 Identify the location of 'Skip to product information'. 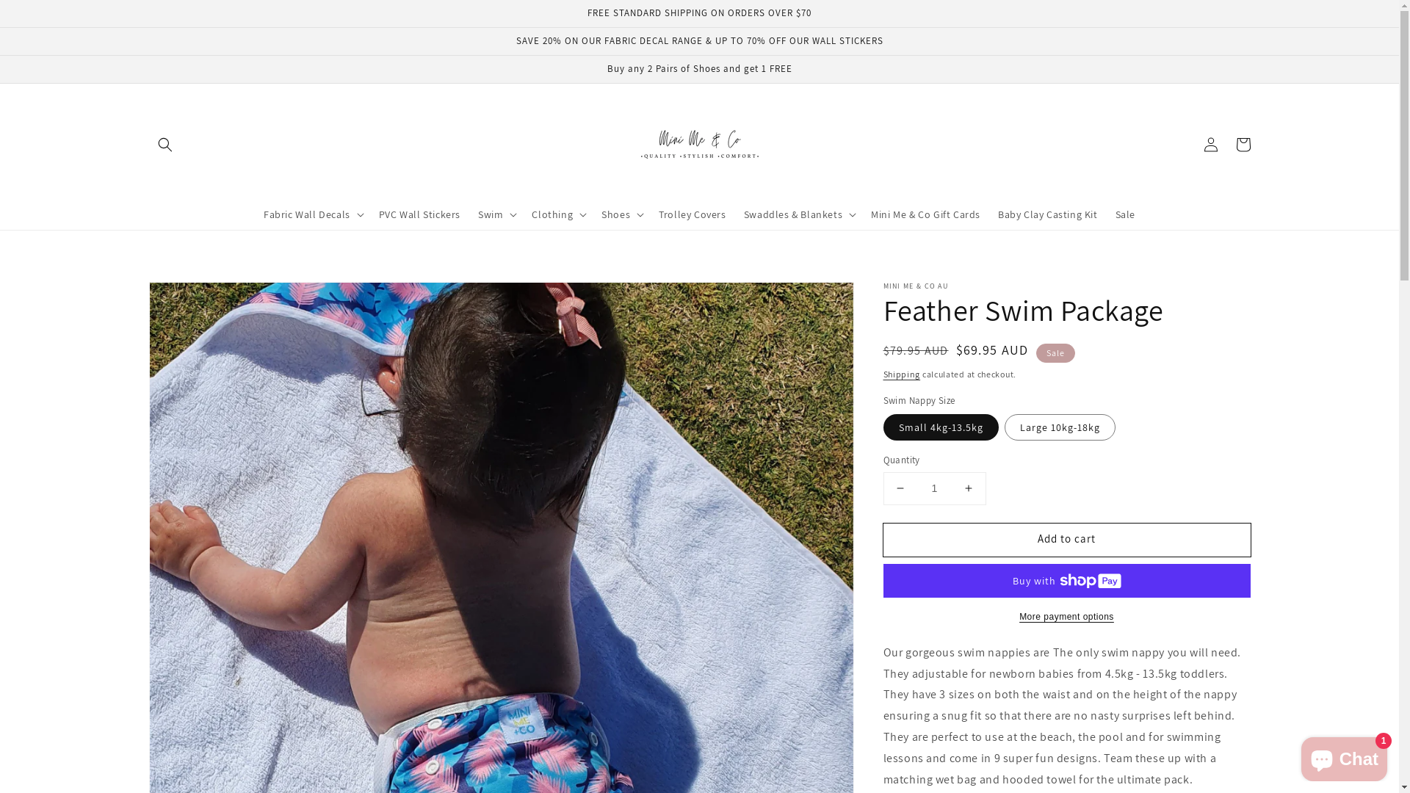
(192, 297).